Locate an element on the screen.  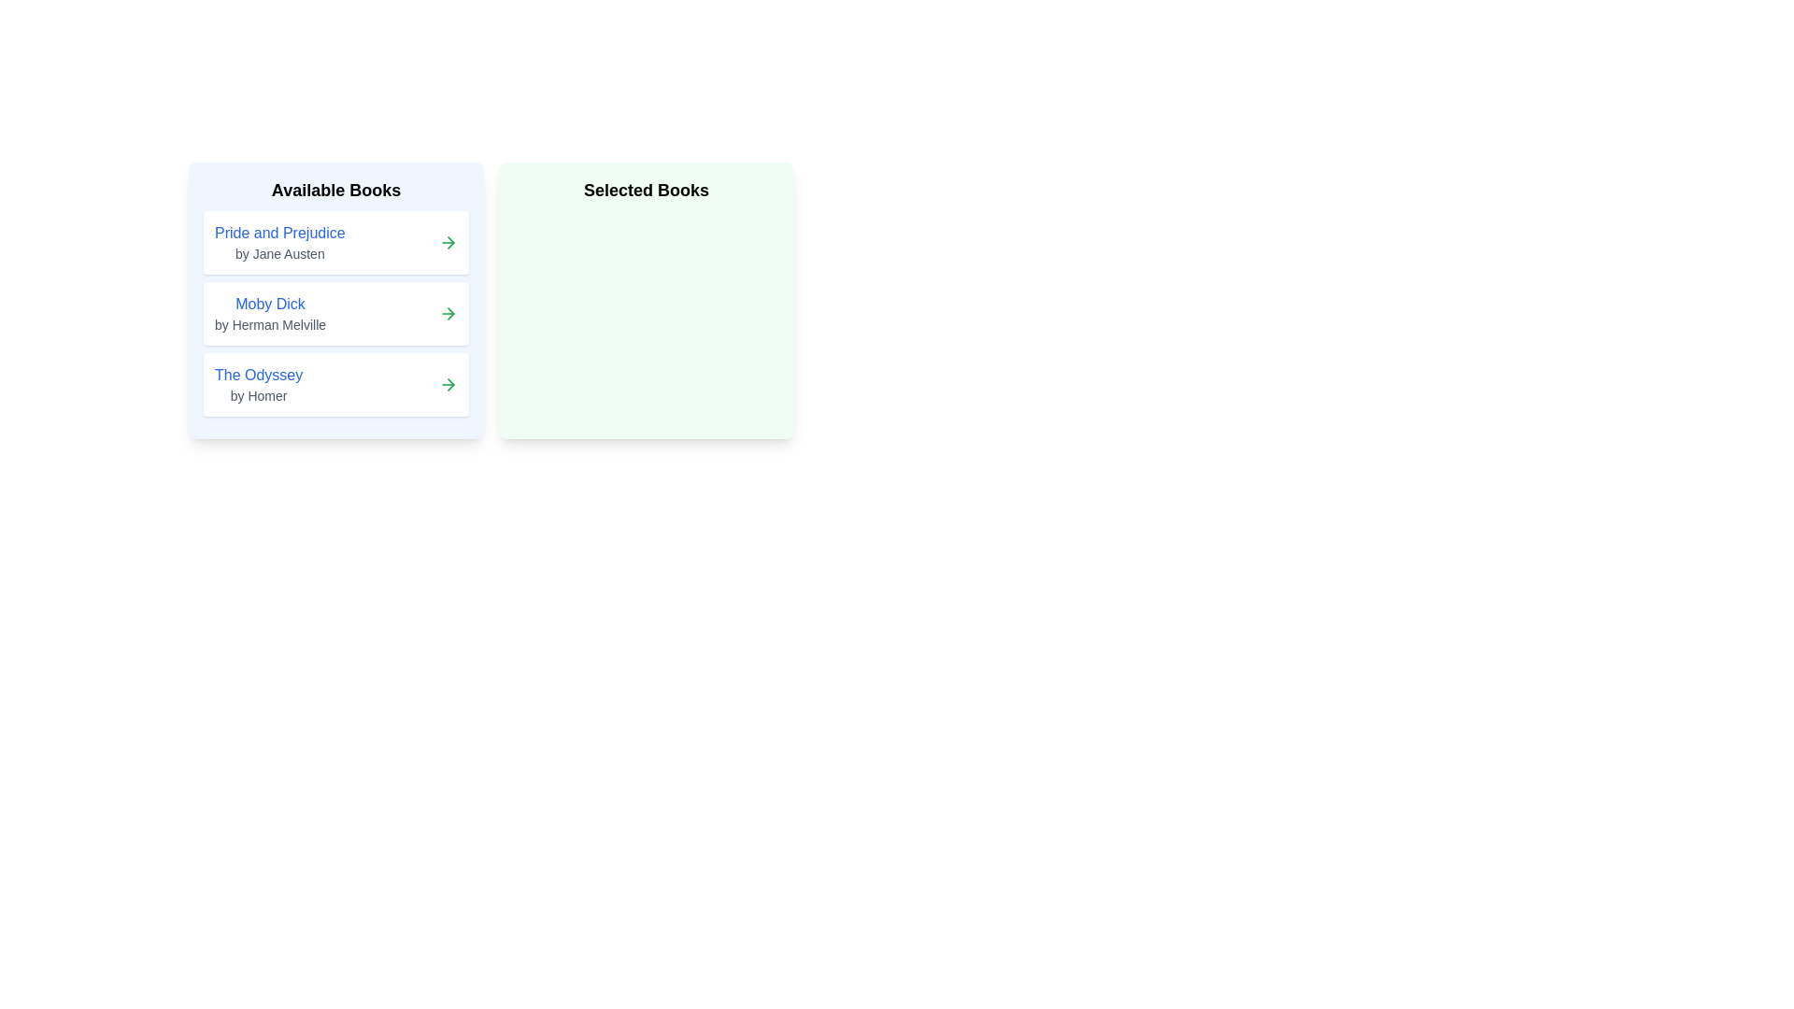
the middle list item displaying the title and author of a book in the 'Available Books' section is located at coordinates (336, 299).